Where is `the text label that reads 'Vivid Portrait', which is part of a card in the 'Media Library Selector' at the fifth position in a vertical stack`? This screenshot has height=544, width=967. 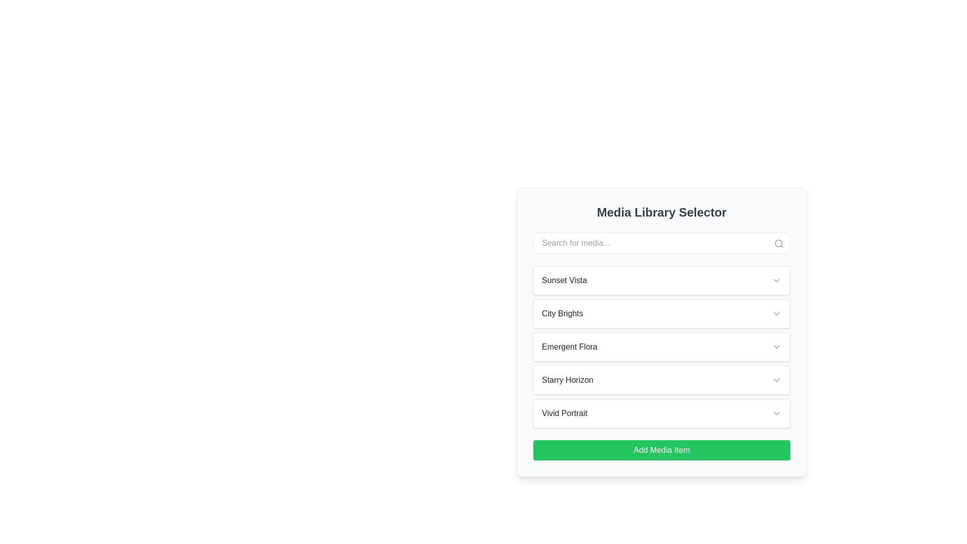
the text label that reads 'Vivid Portrait', which is part of a card in the 'Media Library Selector' at the fifth position in a vertical stack is located at coordinates (565, 414).